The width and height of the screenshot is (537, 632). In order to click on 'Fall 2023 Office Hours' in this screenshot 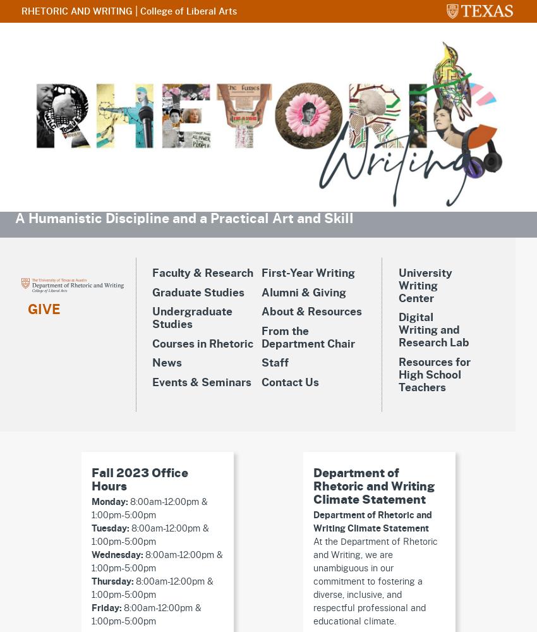, I will do `click(139, 480)`.